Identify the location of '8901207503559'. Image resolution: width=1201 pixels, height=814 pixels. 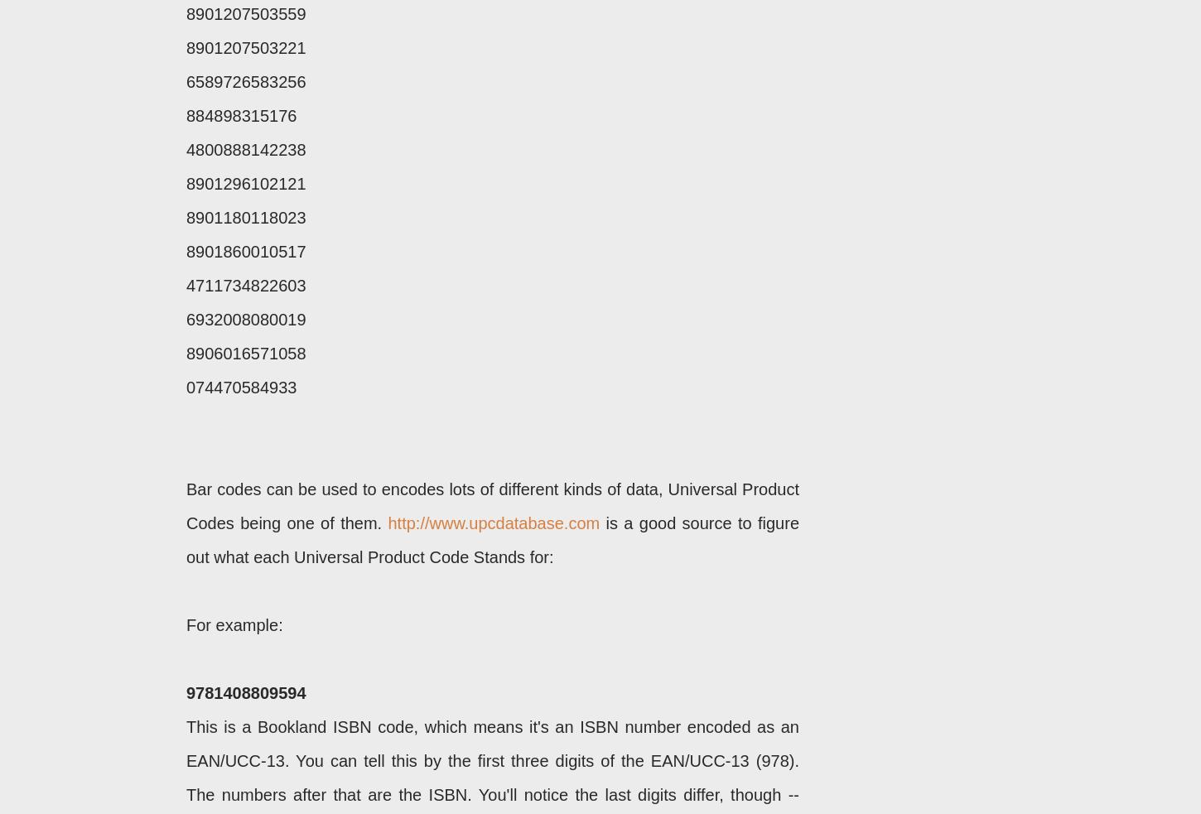
(186, 13).